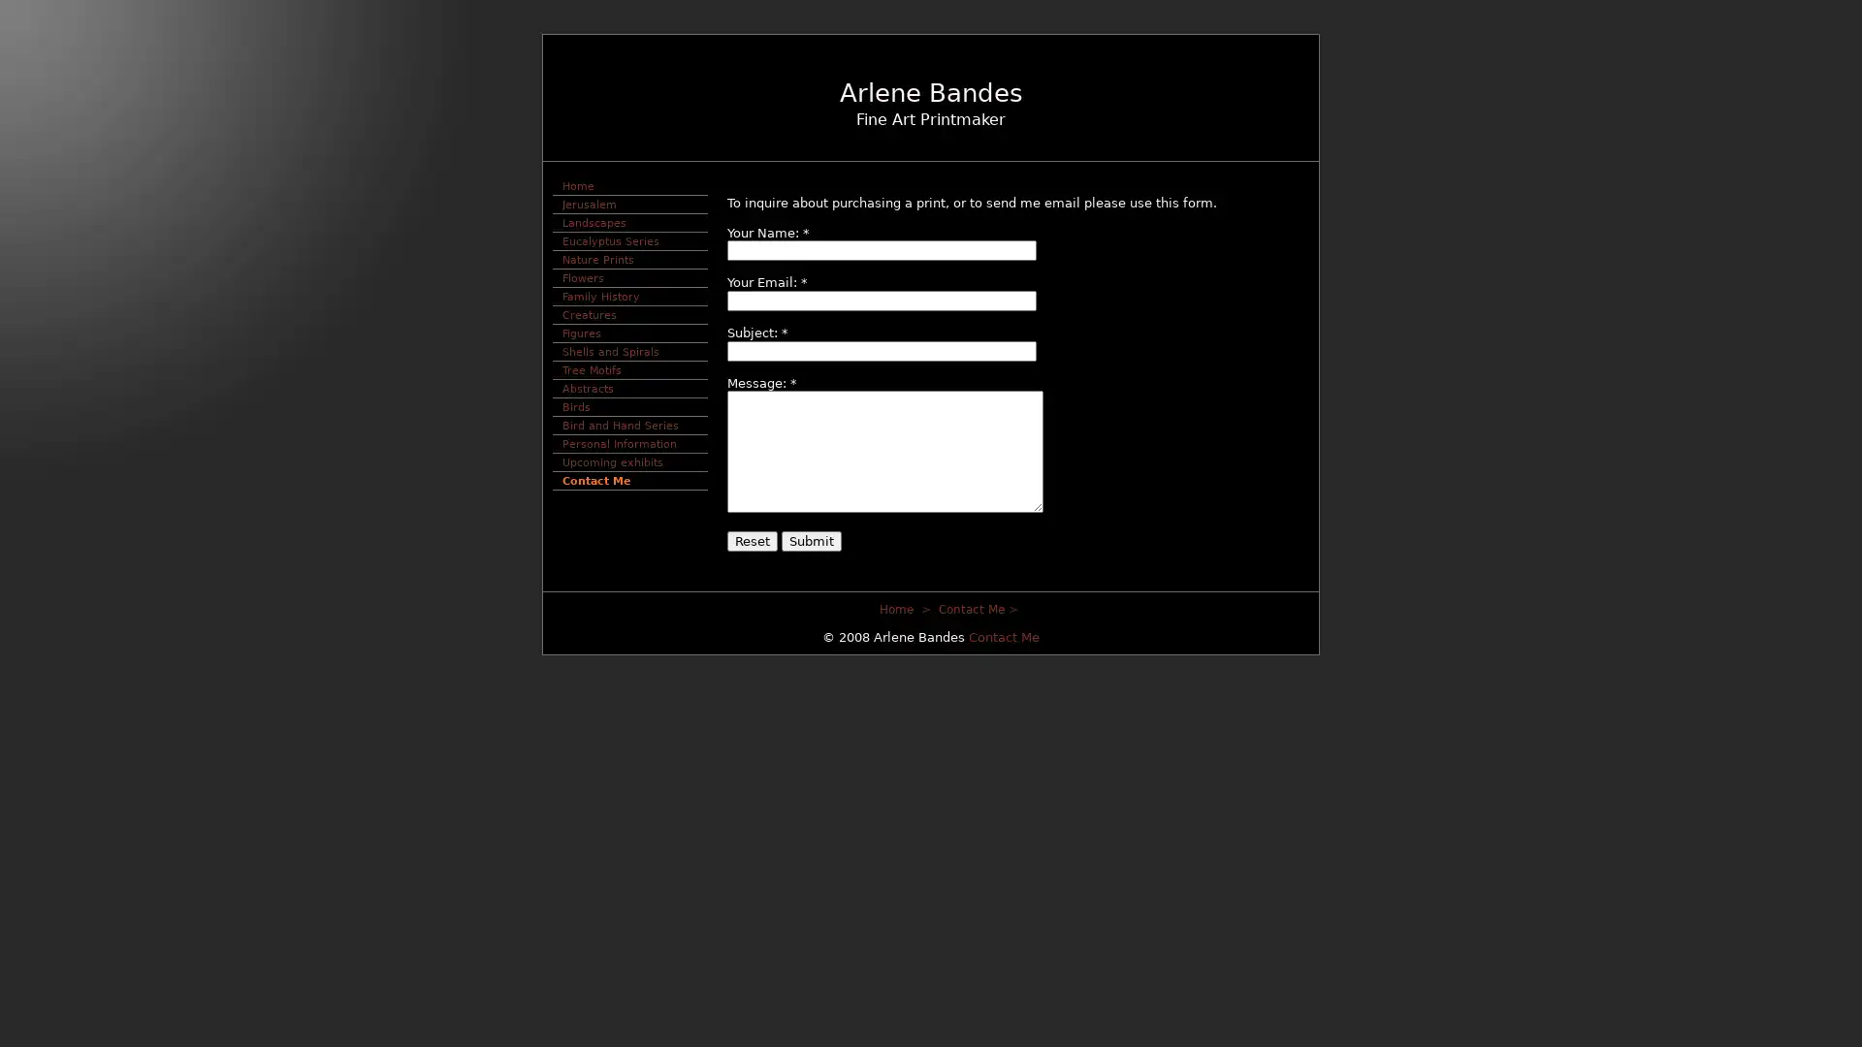 The width and height of the screenshot is (1862, 1047). Describe the element at coordinates (752, 540) in the screenshot. I see `Reset` at that location.